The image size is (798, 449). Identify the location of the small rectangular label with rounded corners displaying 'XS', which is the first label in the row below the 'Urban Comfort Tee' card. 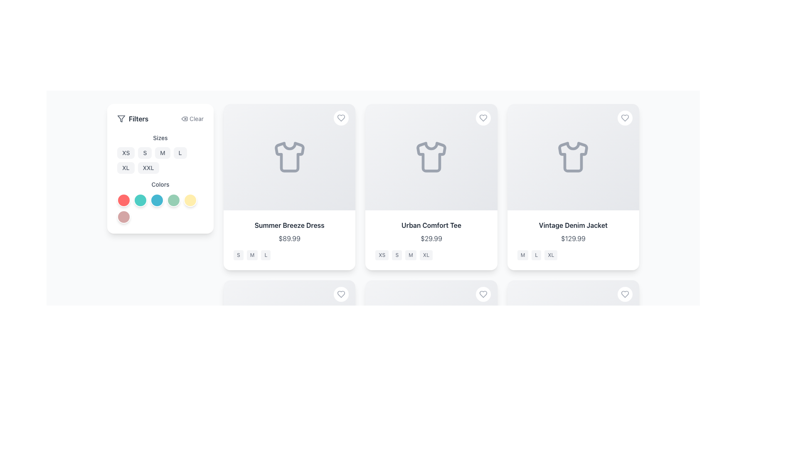
(382, 254).